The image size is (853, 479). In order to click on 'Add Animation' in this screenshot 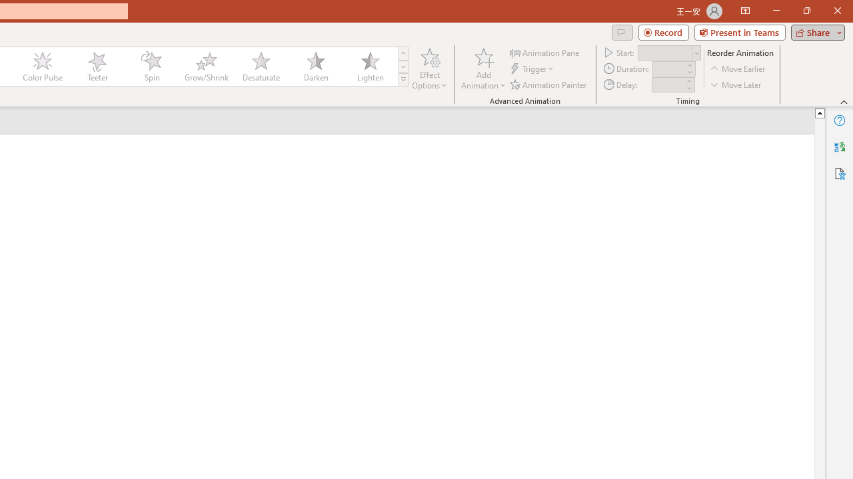, I will do `click(482, 69)`.